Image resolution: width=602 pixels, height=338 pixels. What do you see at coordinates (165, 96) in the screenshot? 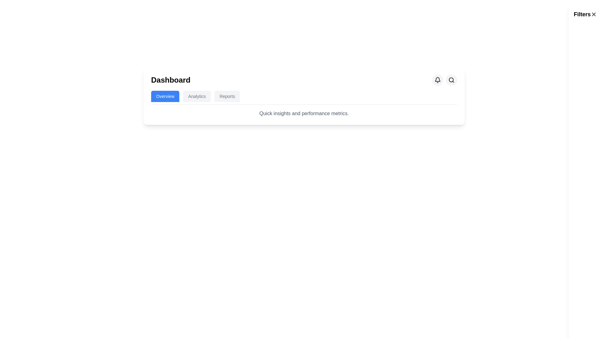
I see `the 'Overview' navigation button located in the top left section of the button group, immediately following the 'Dashboard' title, to potentially see a tooltip or a change in styles` at bounding box center [165, 96].